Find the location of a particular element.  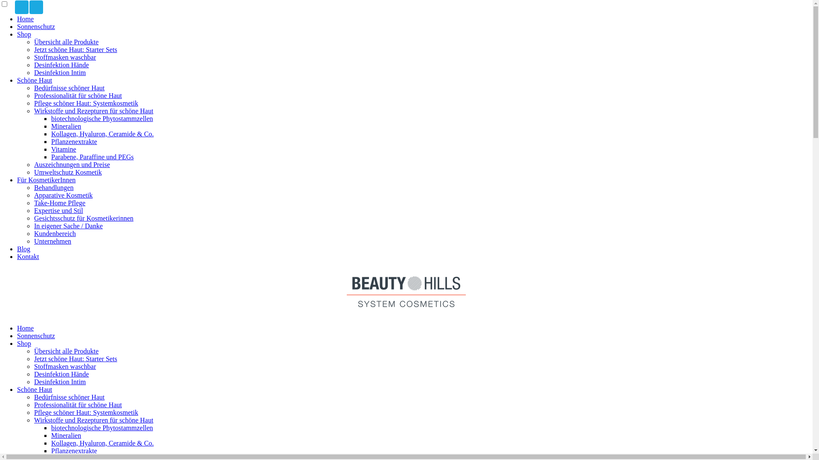

'biotechnologische Phytostammzellen' is located at coordinates (102, 118).